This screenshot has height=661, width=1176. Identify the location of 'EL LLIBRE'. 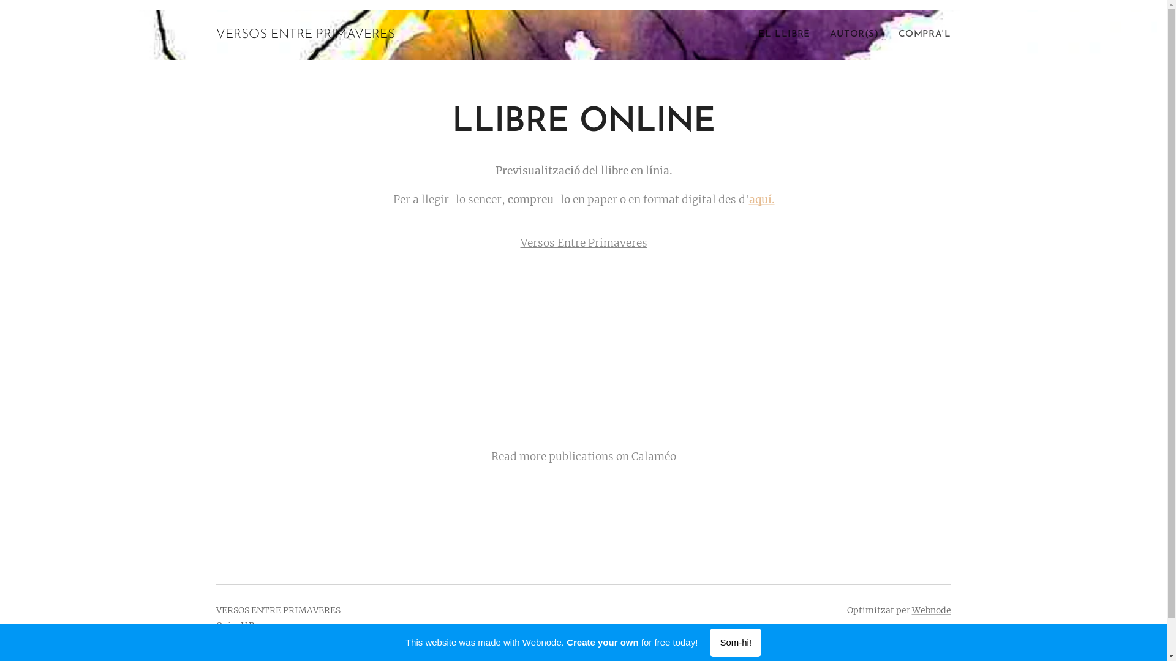
(787, 34).